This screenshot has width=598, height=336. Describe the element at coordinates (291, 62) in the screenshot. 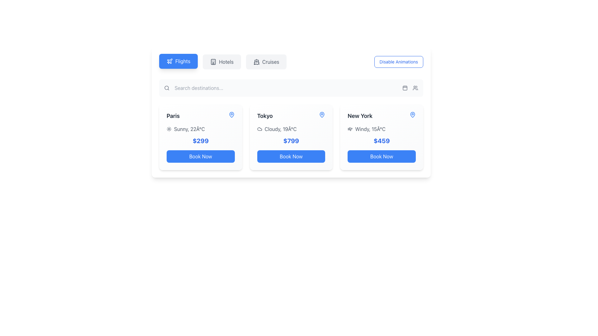

I see `the 'Disable Animations' button on the segmented control` at that location.